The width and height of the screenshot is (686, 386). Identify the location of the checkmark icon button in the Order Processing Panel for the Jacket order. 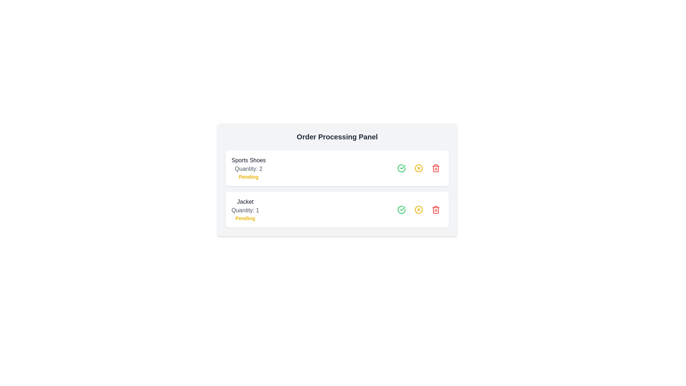
(403, 167).